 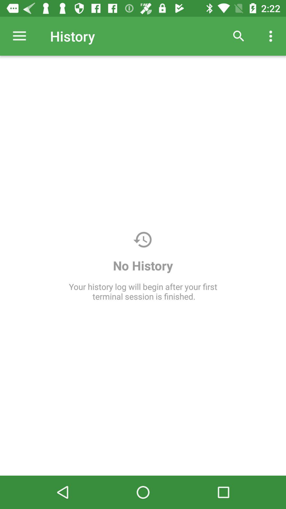 I want to click on the item next to history item, so click(x=19, y=36).